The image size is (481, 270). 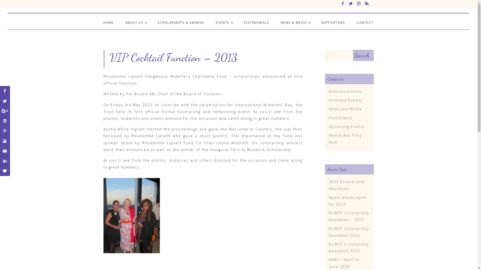 What do you see at coordinates (295, 25) in the screenshot?
I see `'NEWS & MEDIA'` at bounding box center [295, 25].